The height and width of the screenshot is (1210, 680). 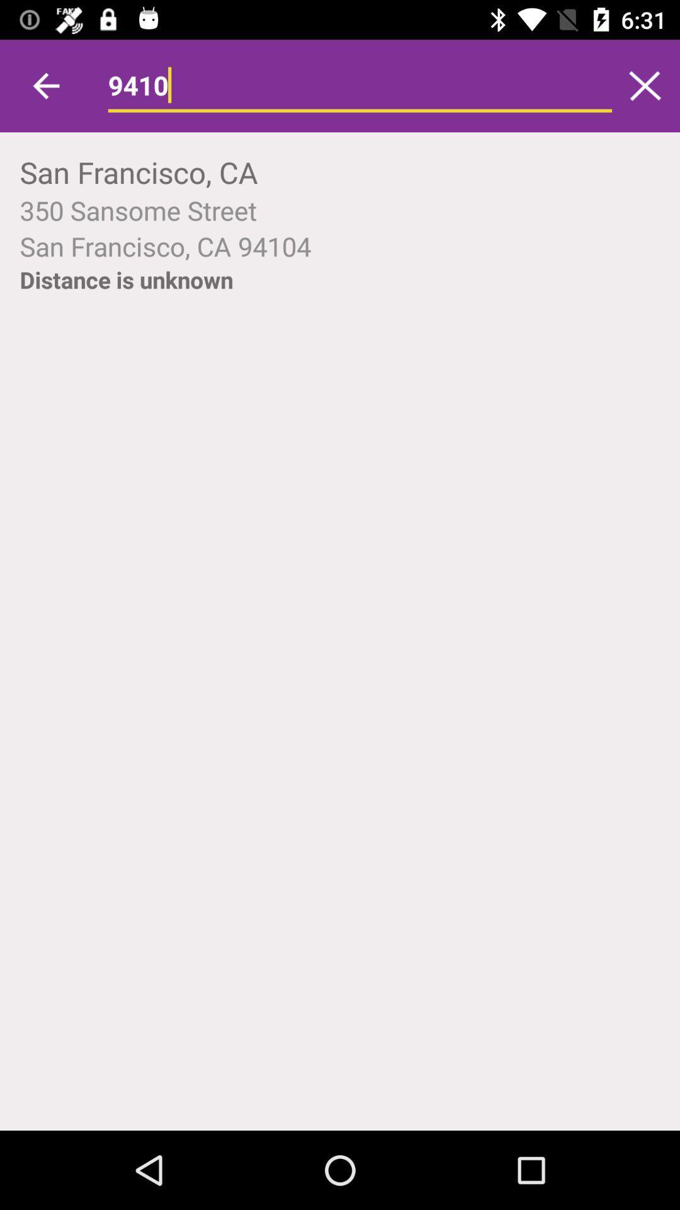 What do you see at coordinates (45, 85) in the screenshot?
I see `icon above the san francisco, ca item` at bounding box center [45, 85].